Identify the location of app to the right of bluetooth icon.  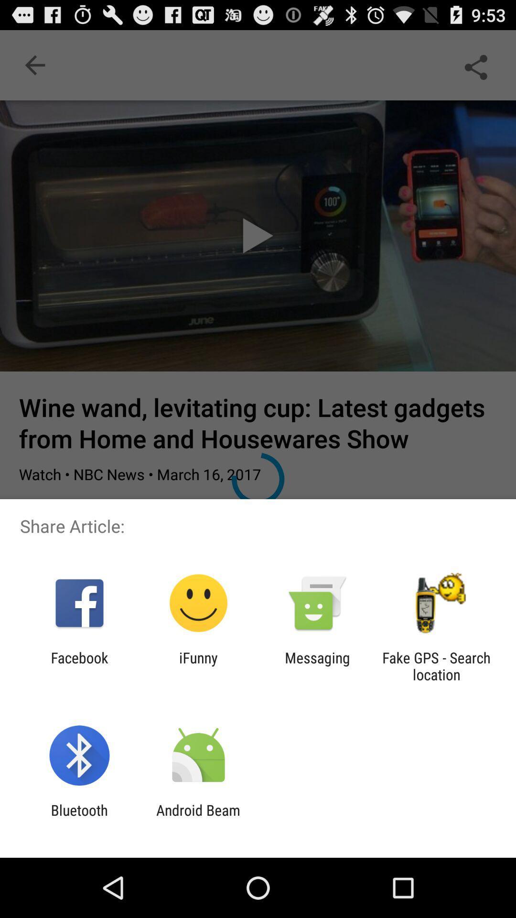
(198, 818).